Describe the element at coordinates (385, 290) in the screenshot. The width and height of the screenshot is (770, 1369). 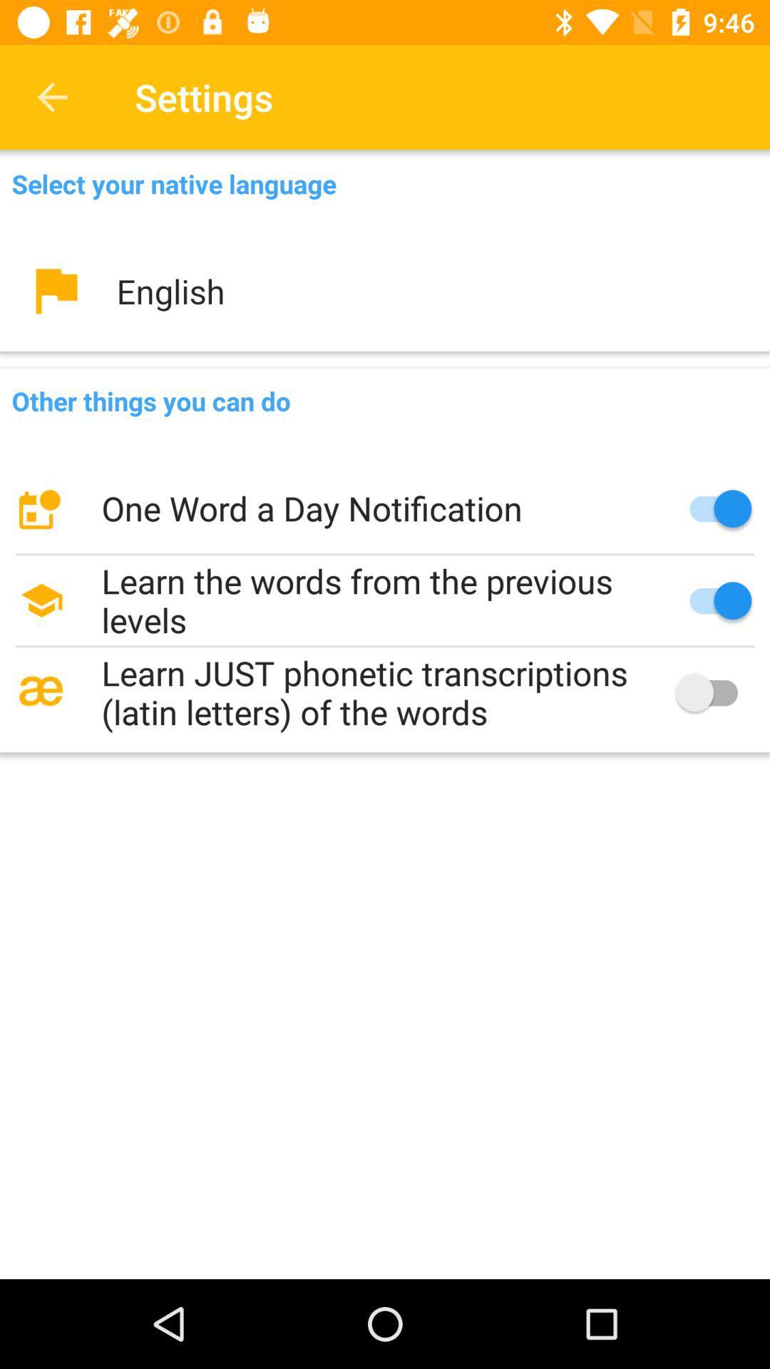
I see `english item` at that location.